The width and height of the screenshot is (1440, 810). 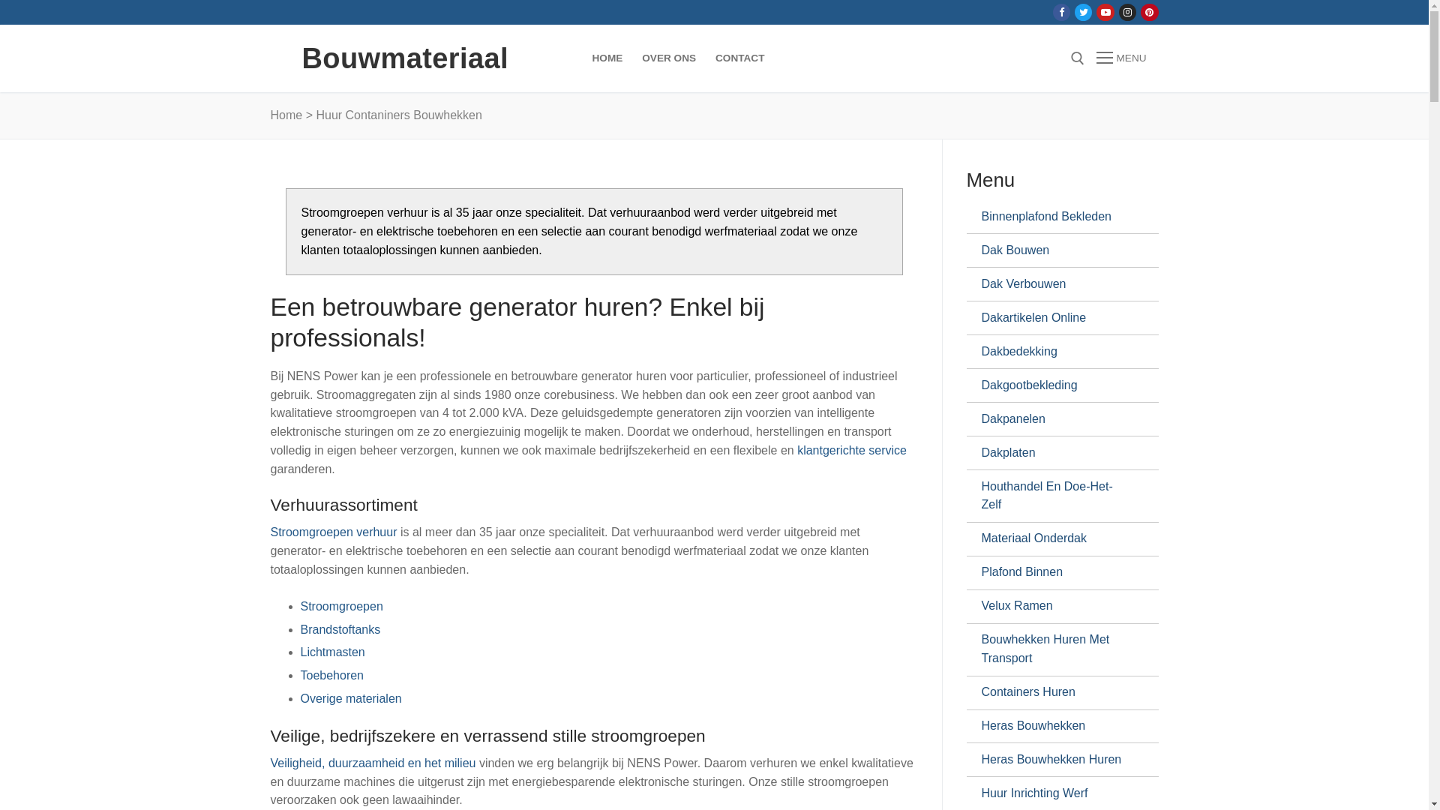 I want to click on 'Twitter', so click(x=1083, y=12).